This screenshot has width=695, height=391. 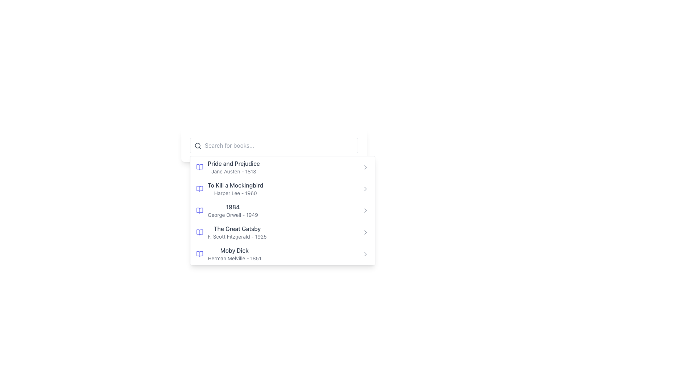 I want to click on the right half of the open book illustration SVG icon located to the immediate left of the text 'To Kill a Mockingbird' in the second list item of the panel, so click(x=200, y=188).